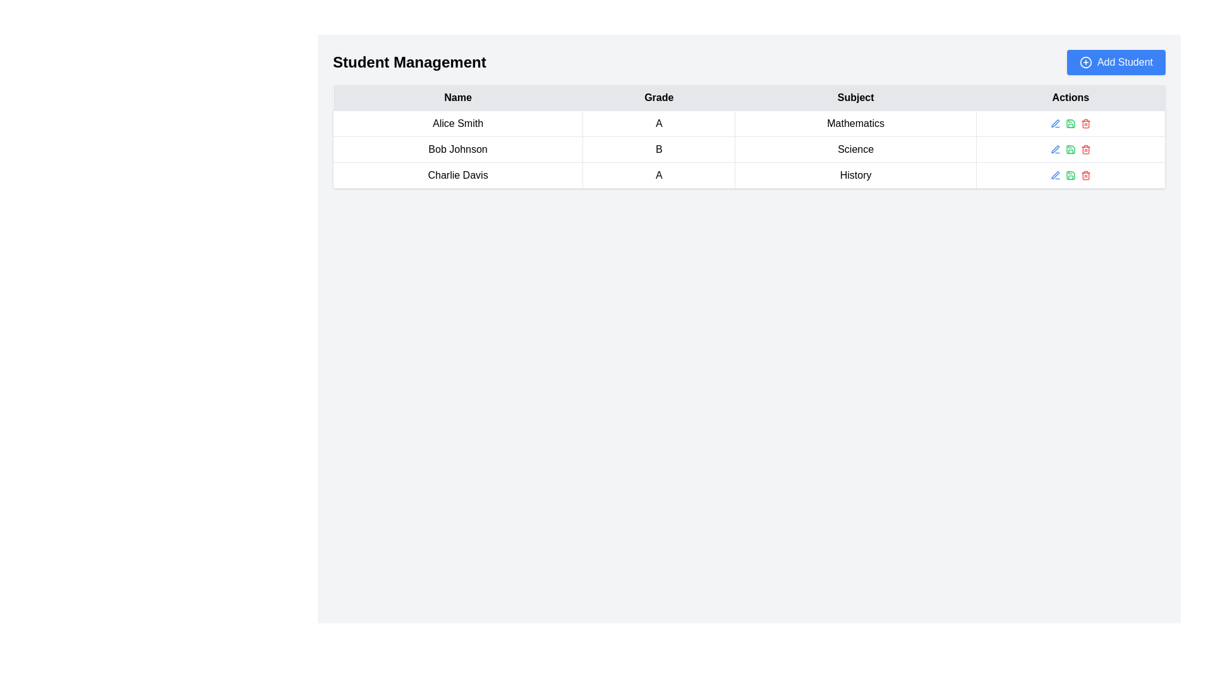 This screenshot has width=1213, height=682. What do you see at coordinates (457, 97) in the screenshot?
I see `the 'Name' text label located at the top-left corner of the table header in the Student Management section` at bounding box center [457, 97].